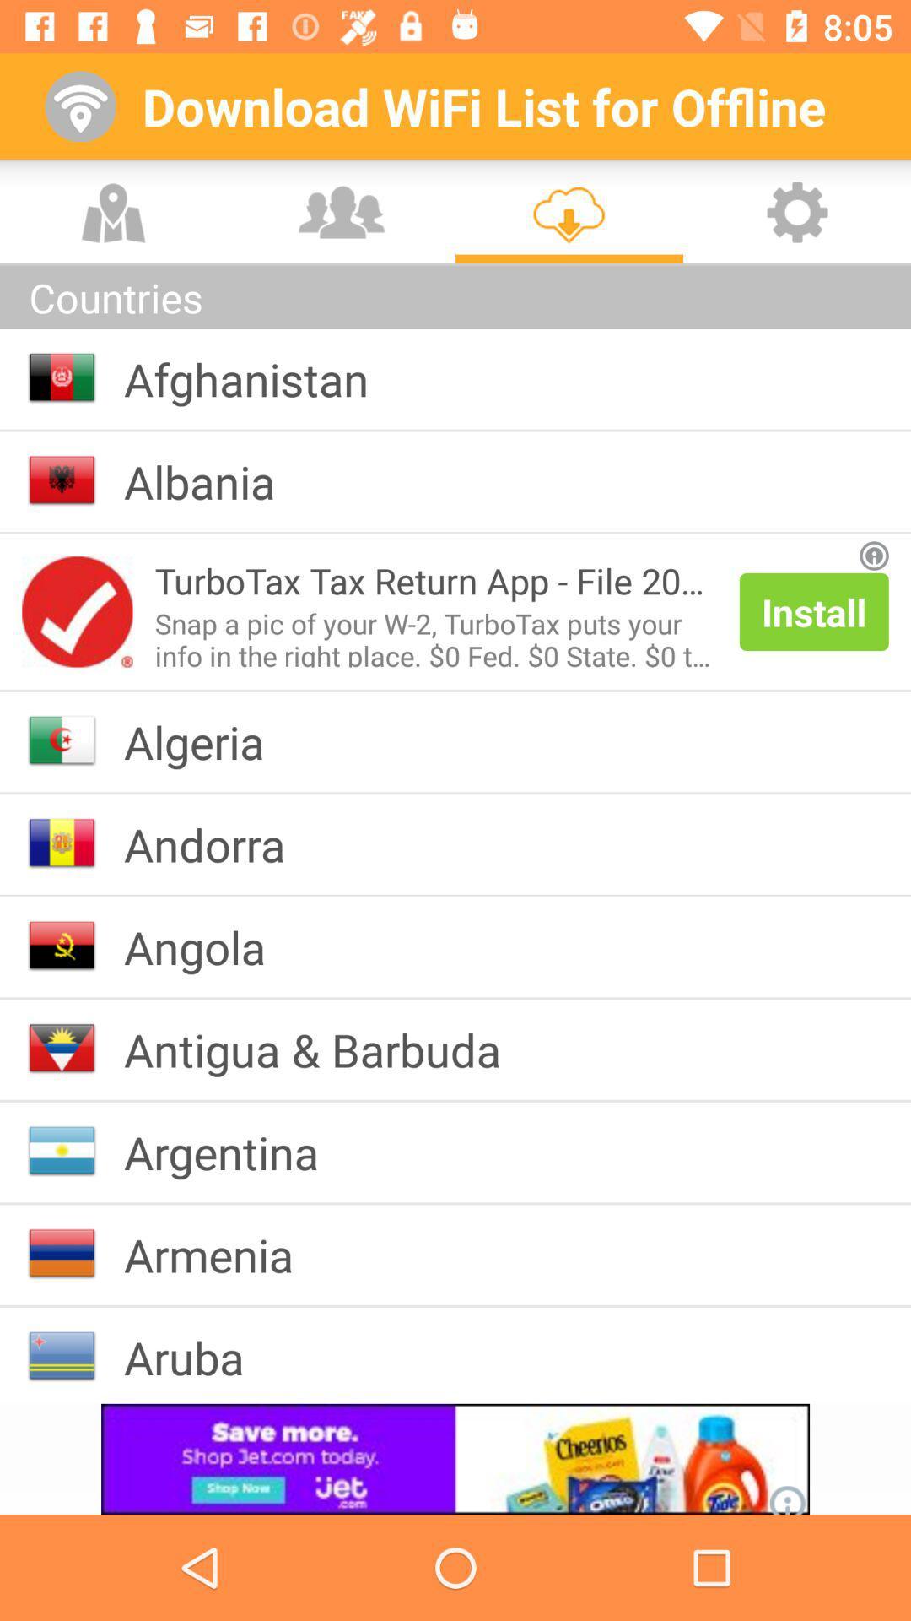 This screenshot has width=911, height=1621. Describe the element at coordinates (221, 1255) in the screenshot. I see `icon above the aruba icon` at that location.